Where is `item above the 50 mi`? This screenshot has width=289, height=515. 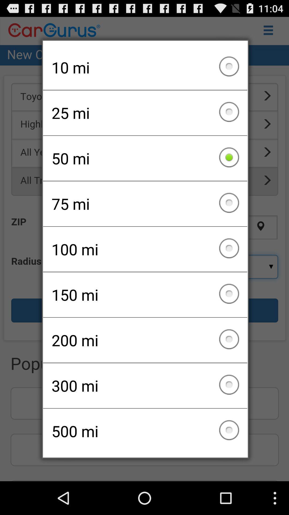 item above the 50 mi is located at coordinates (145, 112).